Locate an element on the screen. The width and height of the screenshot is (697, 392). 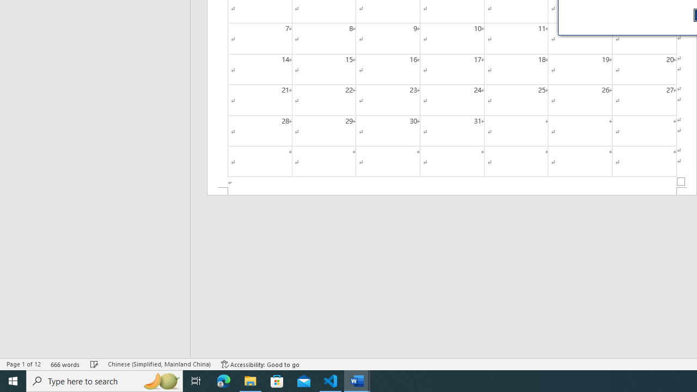
'Footer -Section 1-' is located at coordinates (452, 191).